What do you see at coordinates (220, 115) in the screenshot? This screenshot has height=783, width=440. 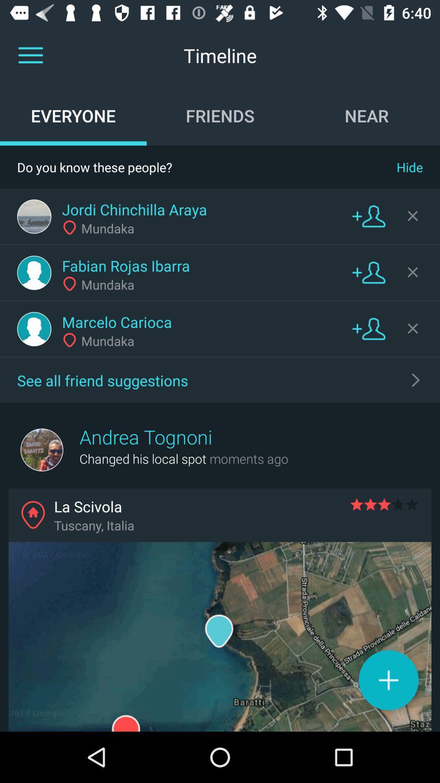 I see `the icon above do you know icon` at bounding box center [220, 115].